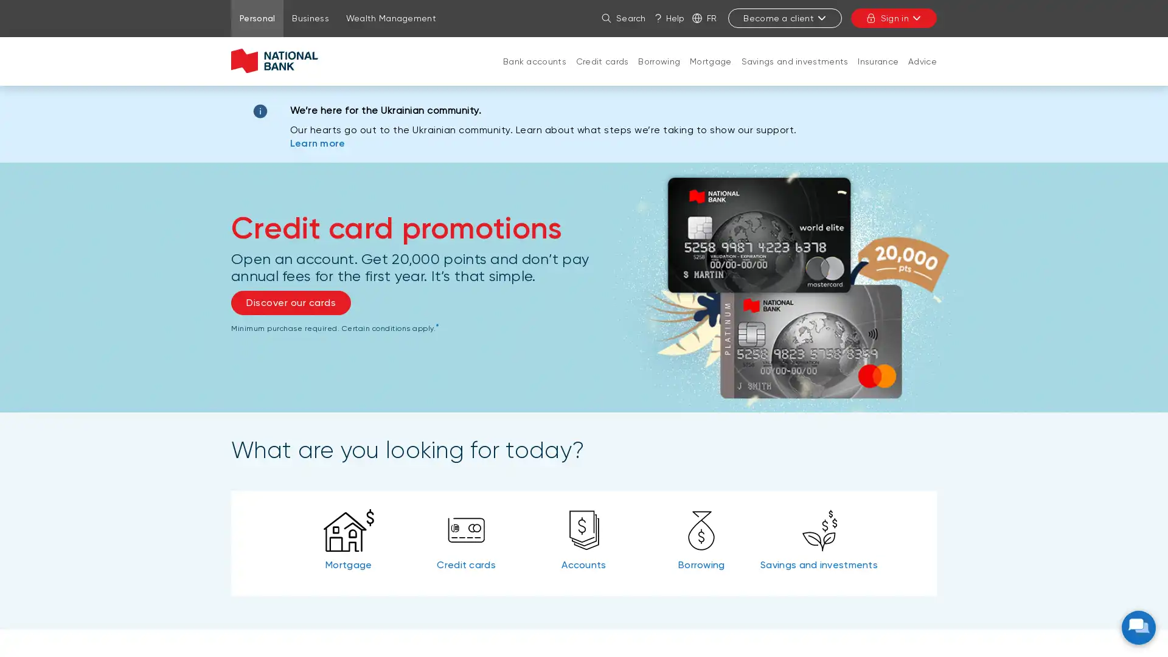  Describe the element at coordinates (5, 9) in the screenshot. I see `Go to main menu` at that location.